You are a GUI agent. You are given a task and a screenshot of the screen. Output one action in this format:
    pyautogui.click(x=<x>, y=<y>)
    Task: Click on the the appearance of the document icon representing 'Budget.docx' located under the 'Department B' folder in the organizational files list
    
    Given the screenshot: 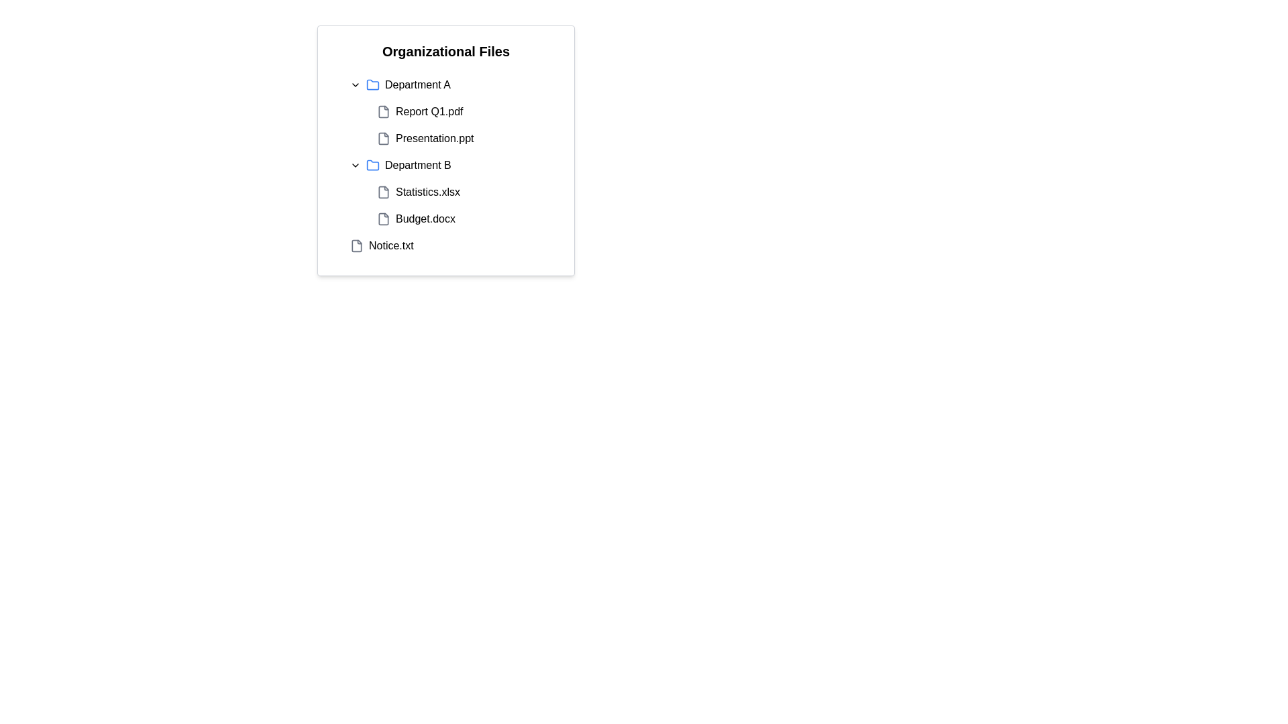 What is the action you would take?
    pyautogui.click(x=382, y=219)
    